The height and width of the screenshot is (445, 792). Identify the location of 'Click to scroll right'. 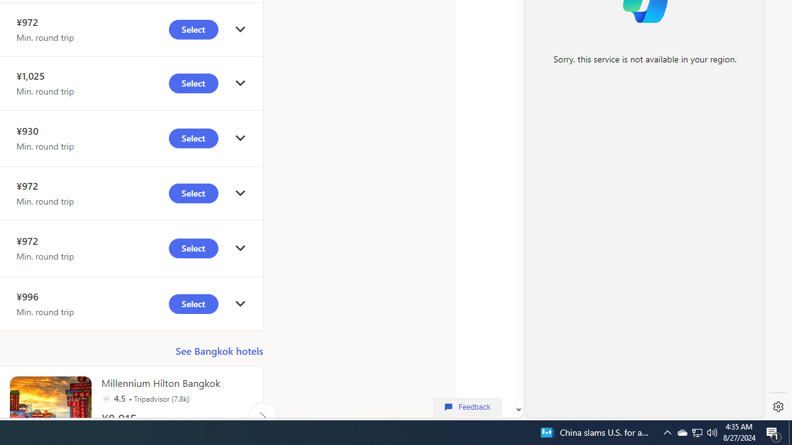
(262, 417).